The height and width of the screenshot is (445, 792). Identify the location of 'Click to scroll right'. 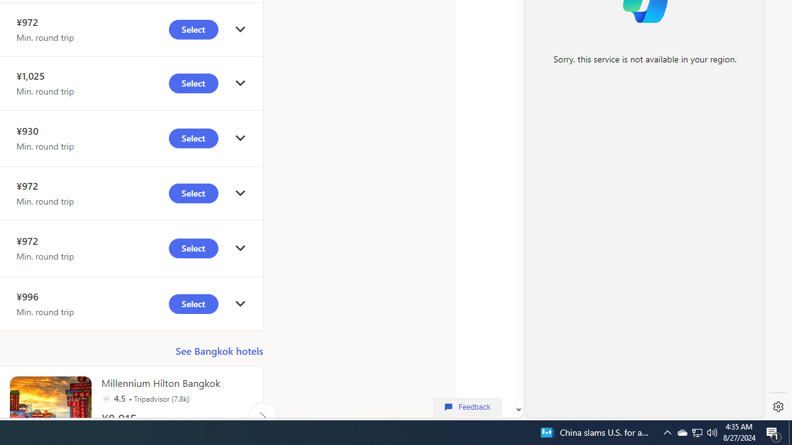
(262, 417).